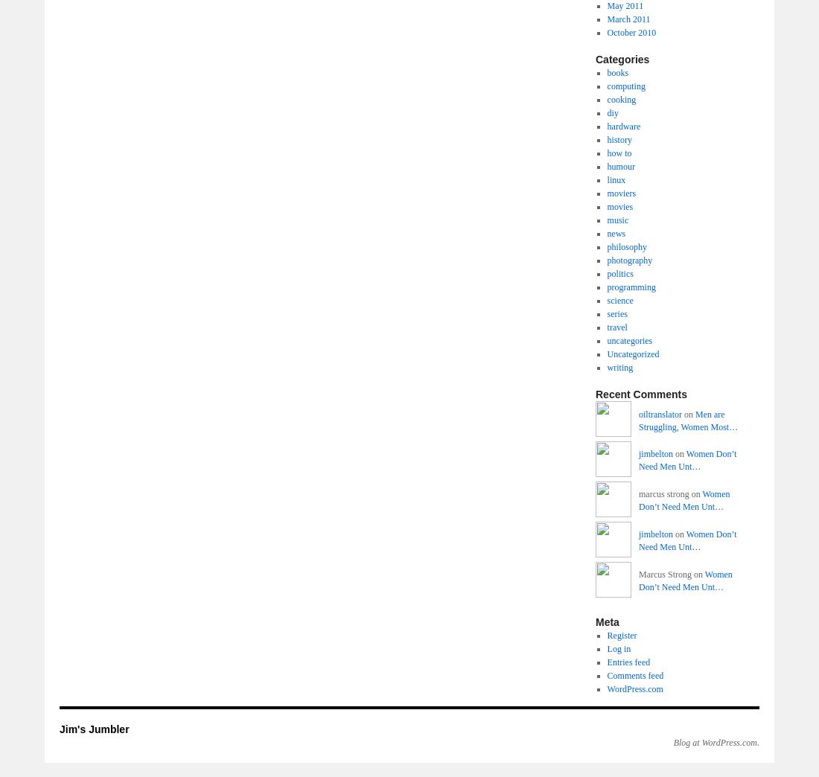  Describe the element at coordinates (606, 246) in the screenshot. I see `'philosophy'` at that location.